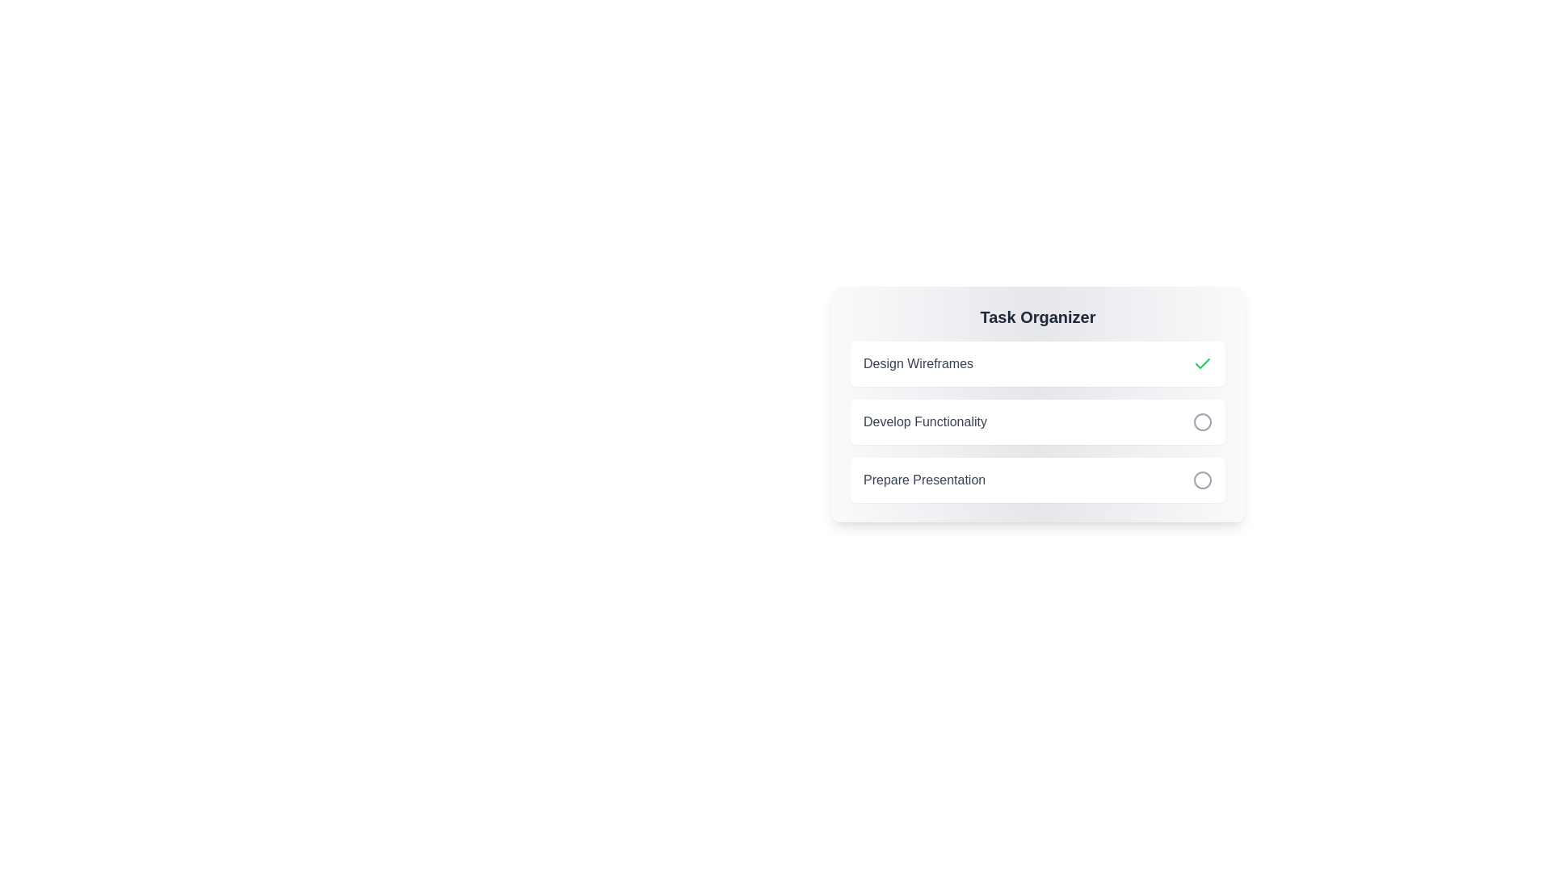 The image size is (1551, 872). Describe the element at coordinates (1202, 421) in the screenshot. I see `the task identified by its title Develop Functionality` at that location.